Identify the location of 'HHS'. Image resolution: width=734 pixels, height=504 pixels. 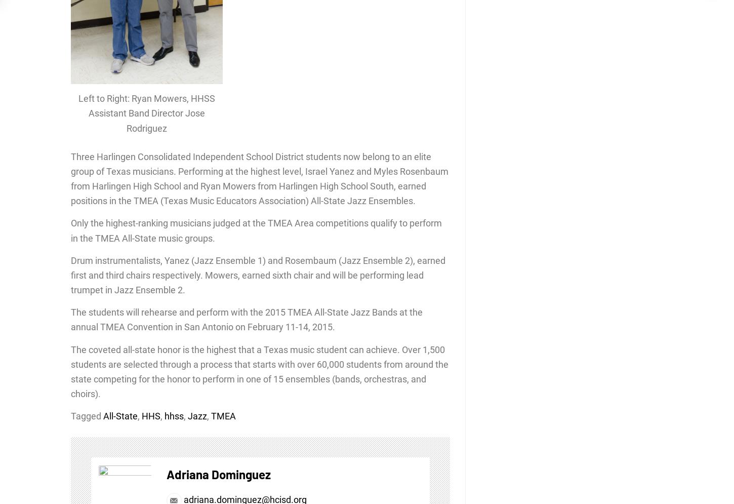
(151, 415).